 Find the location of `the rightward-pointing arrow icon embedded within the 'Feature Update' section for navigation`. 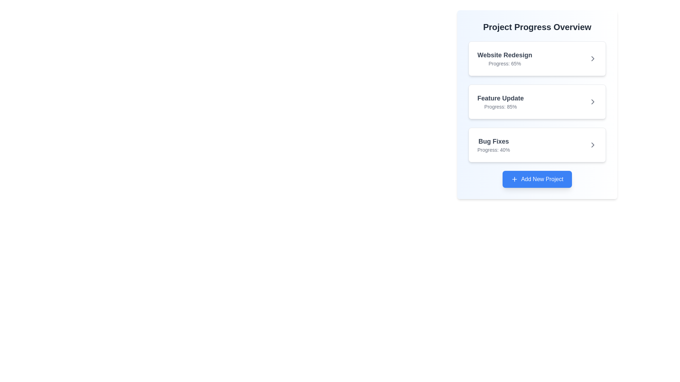

the rightward-pointing arrow icon embedded within the 'Feature Update' section for navigation is located at coordinates (593, 102).